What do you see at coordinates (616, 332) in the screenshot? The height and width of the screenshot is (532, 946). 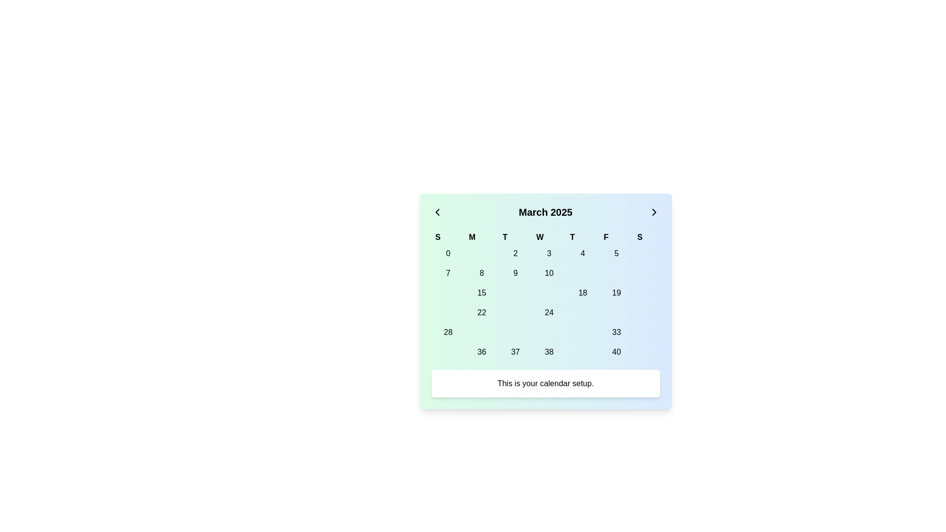 I see `the sixth static text label that displays a number, part of a series of seven horizontally arranged elements` at bounding box center [616, 332].